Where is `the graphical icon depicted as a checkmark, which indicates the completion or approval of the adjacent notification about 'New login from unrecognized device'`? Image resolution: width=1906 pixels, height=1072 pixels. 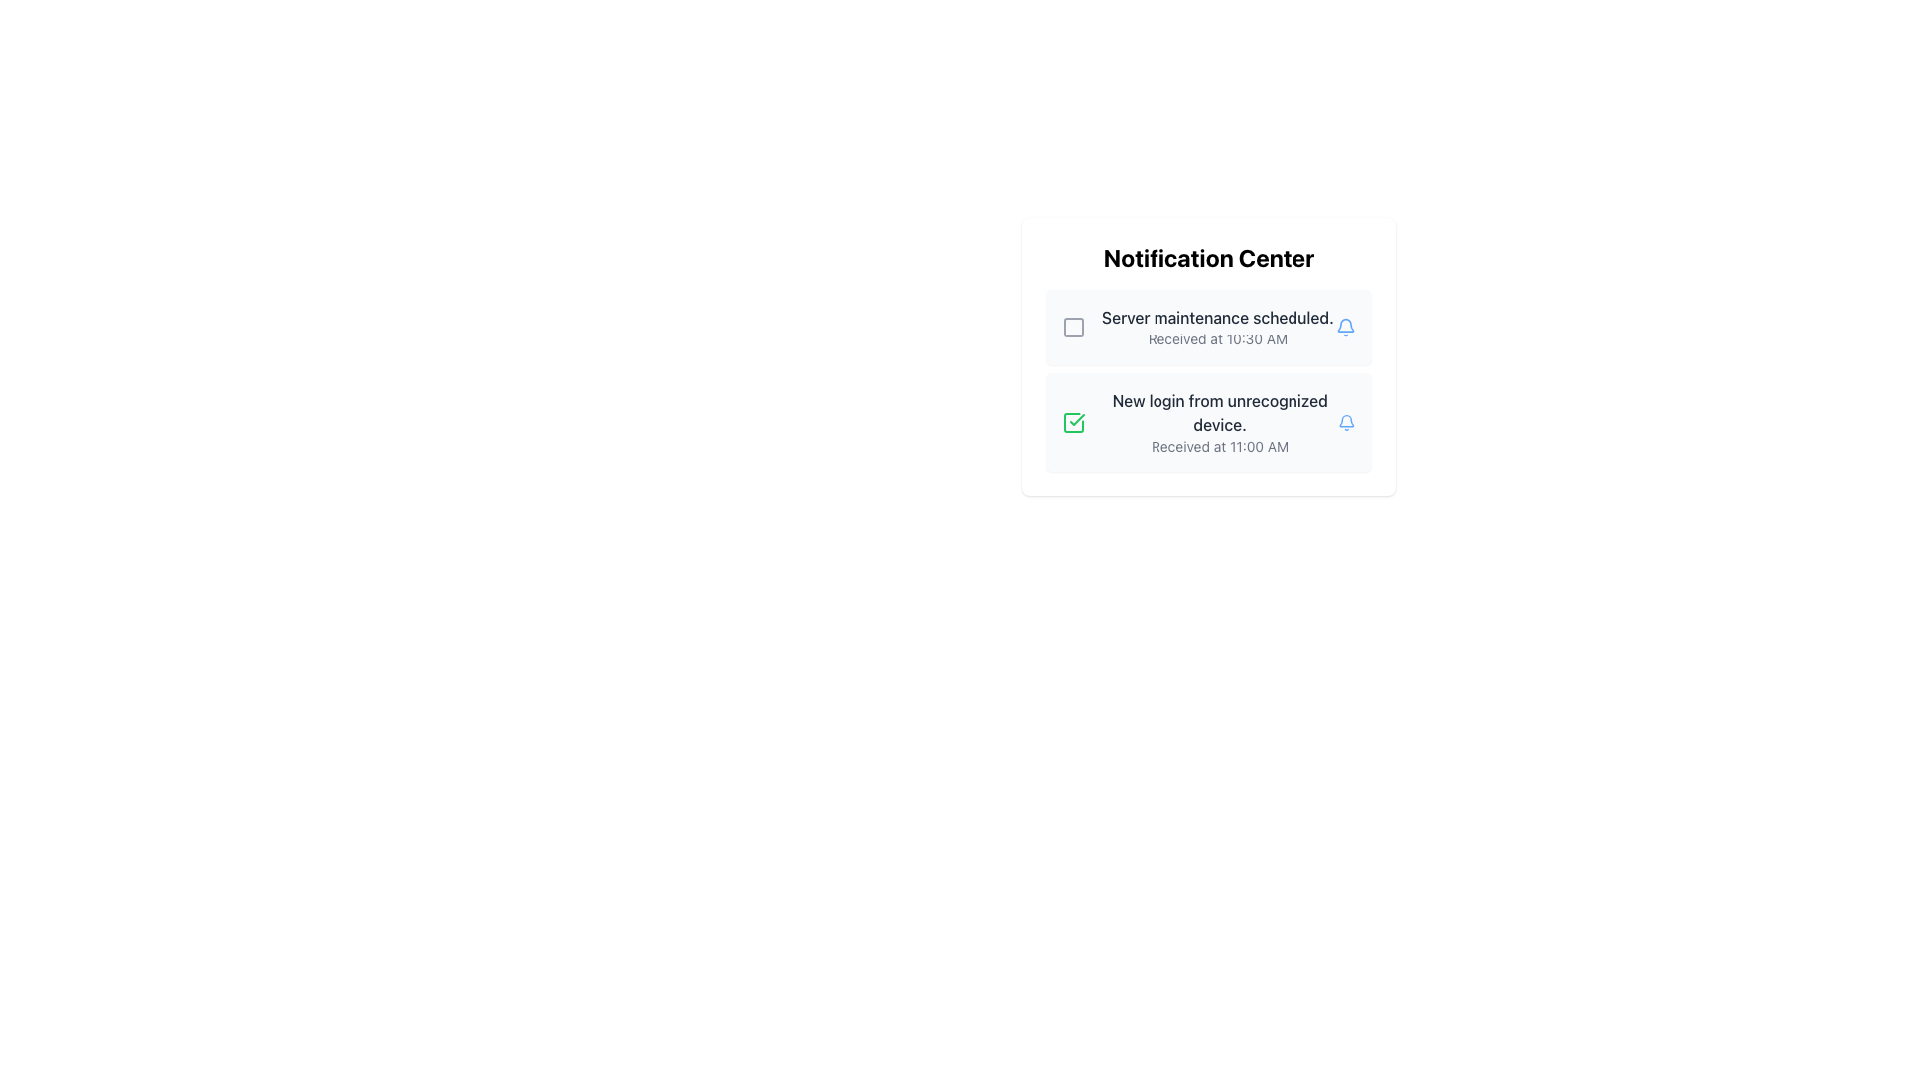
the graphical icon depicted as a checkmark, which indicates the completion or approval of the adjacent notification about 'New login from unrecognized device' is located at coordinates (1076, 419).